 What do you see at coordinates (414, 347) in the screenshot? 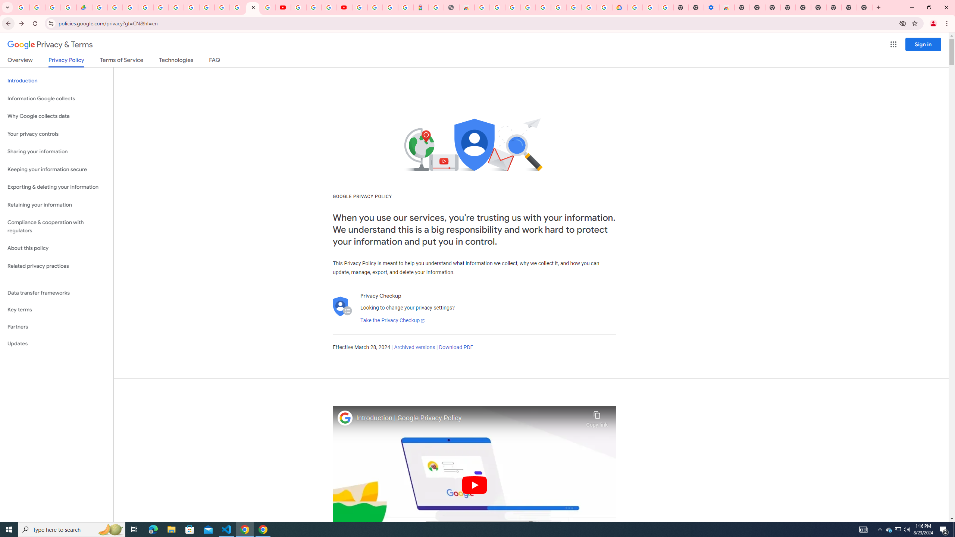
I see `'Archived versions'` at bounding box center [414, 347].